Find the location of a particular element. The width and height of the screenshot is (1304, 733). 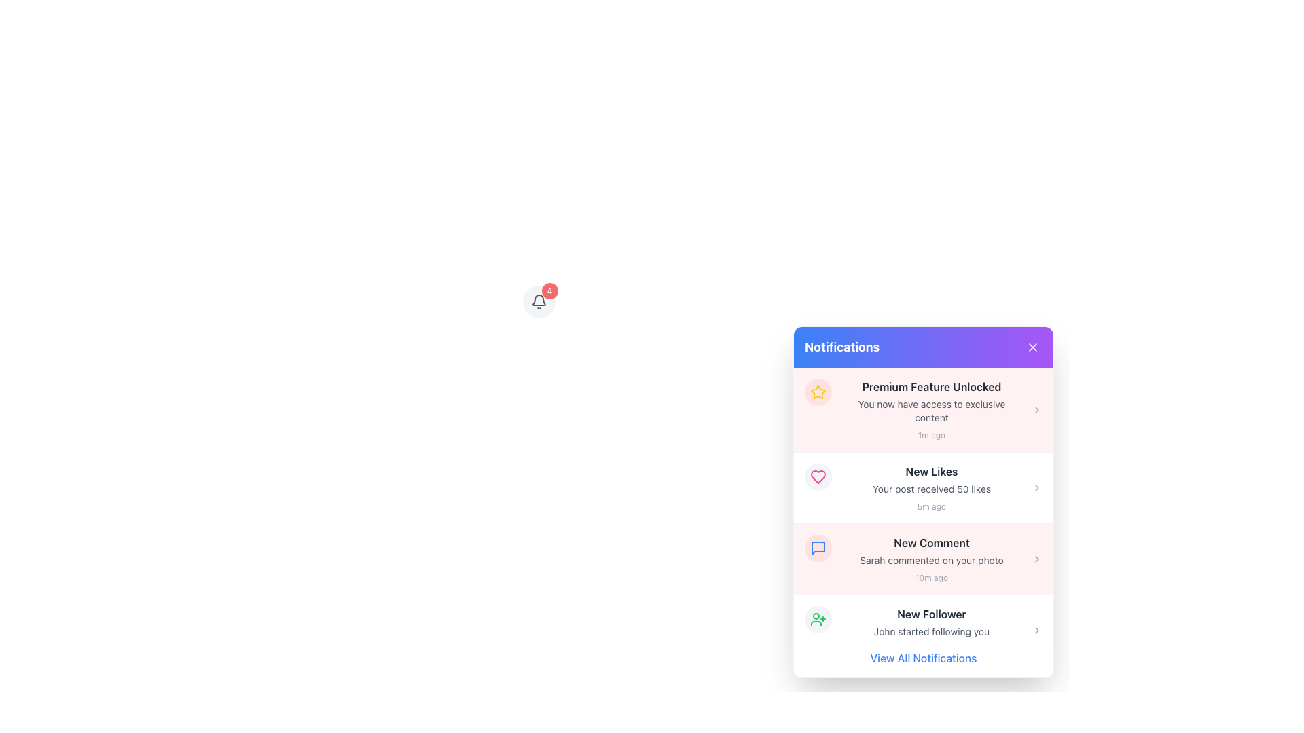

the small 'X' icon button with a round design, located at the top-right corner of the notifications panel is located at coordinates (1032, 347).